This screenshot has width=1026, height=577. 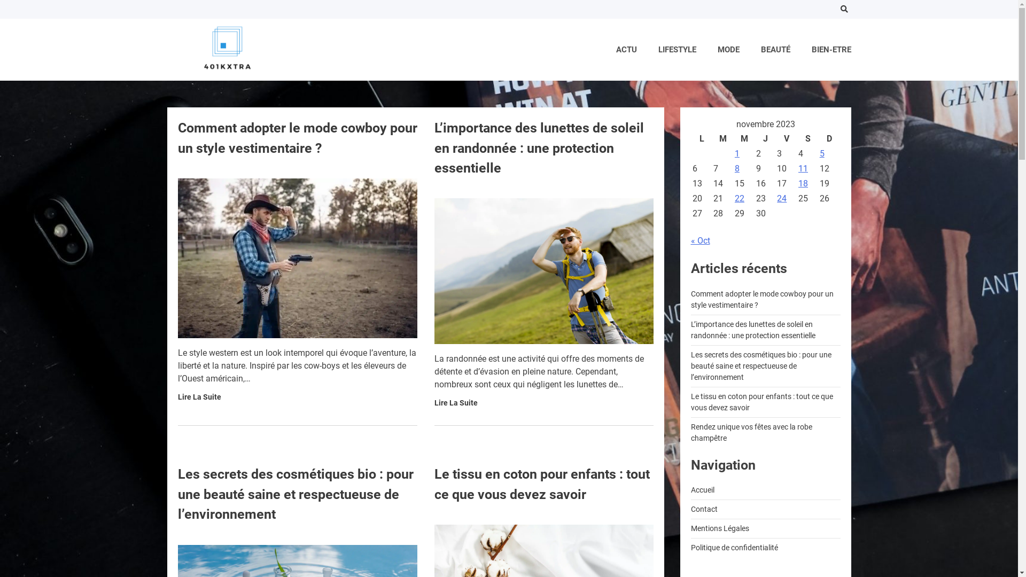 I want to click on '18', so click(x=803, y=183).